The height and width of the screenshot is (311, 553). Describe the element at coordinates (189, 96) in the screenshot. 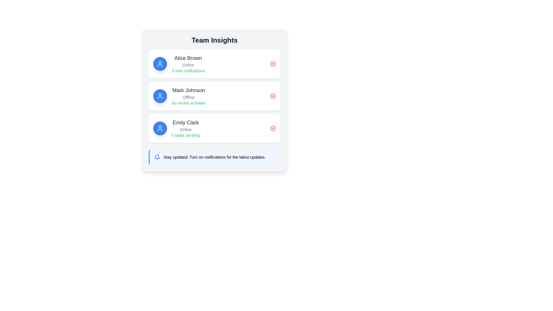

I see `the name 'Mark Johnson' or the online/offline status` at that location.